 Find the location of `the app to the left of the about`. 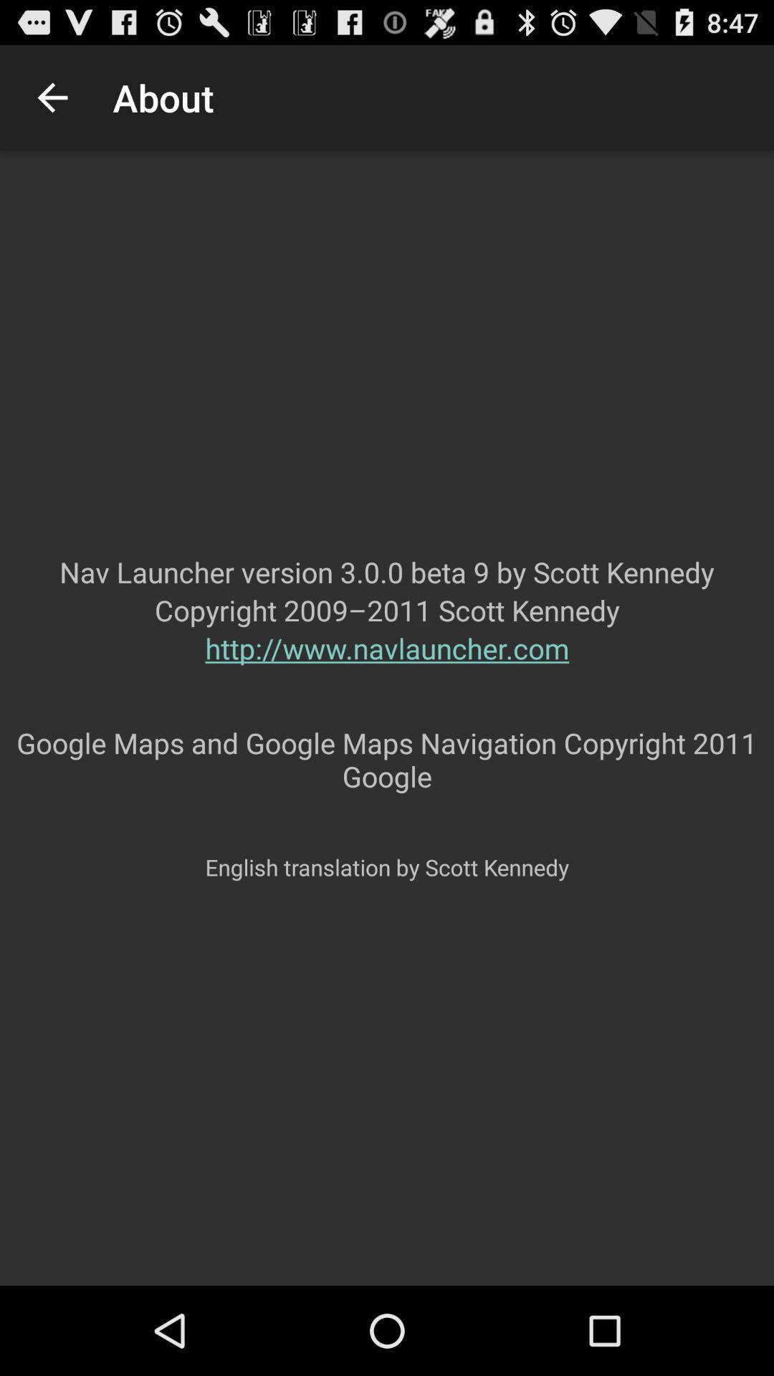

the app to the left of the about is located at coordinates (52, 97).